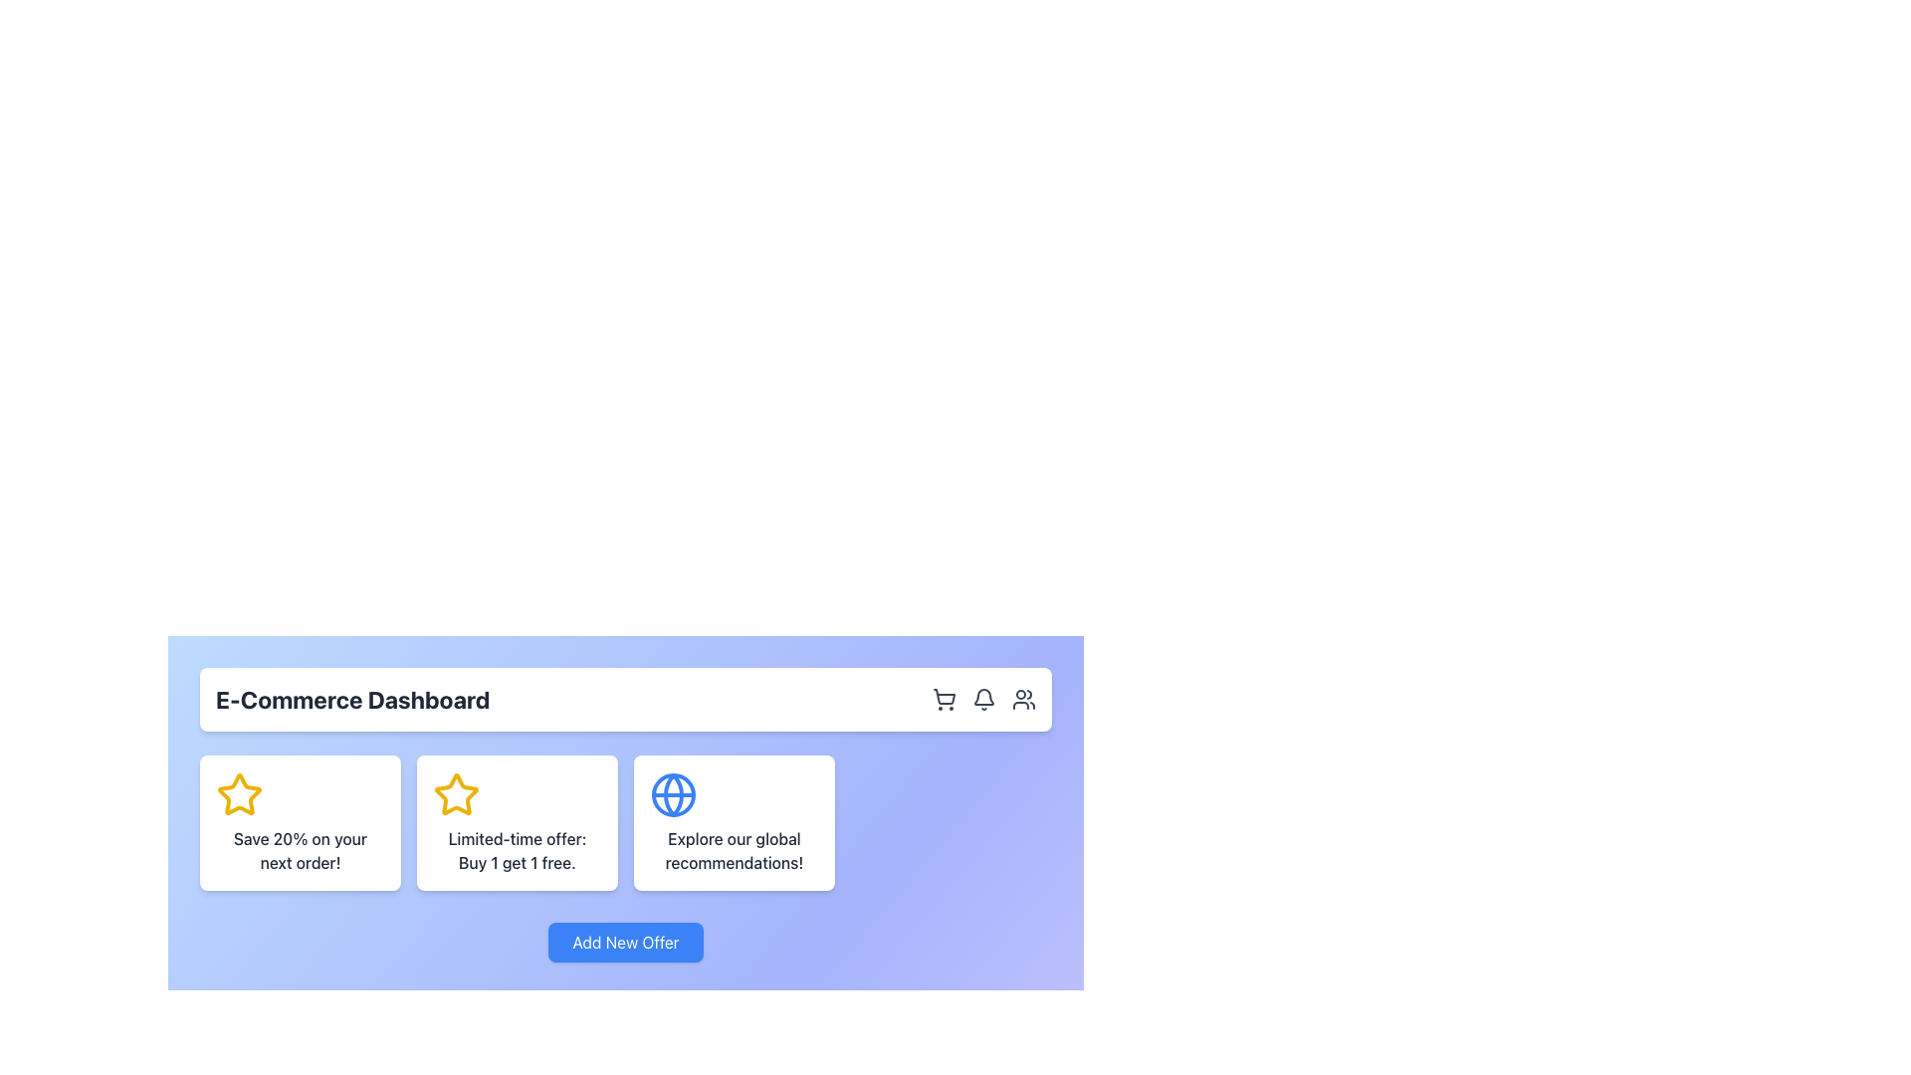 The image size is (1911, 1075). I want to click on the globe icon located at the center of the third card in the bottom right corner of the interface, so click(673, 793).